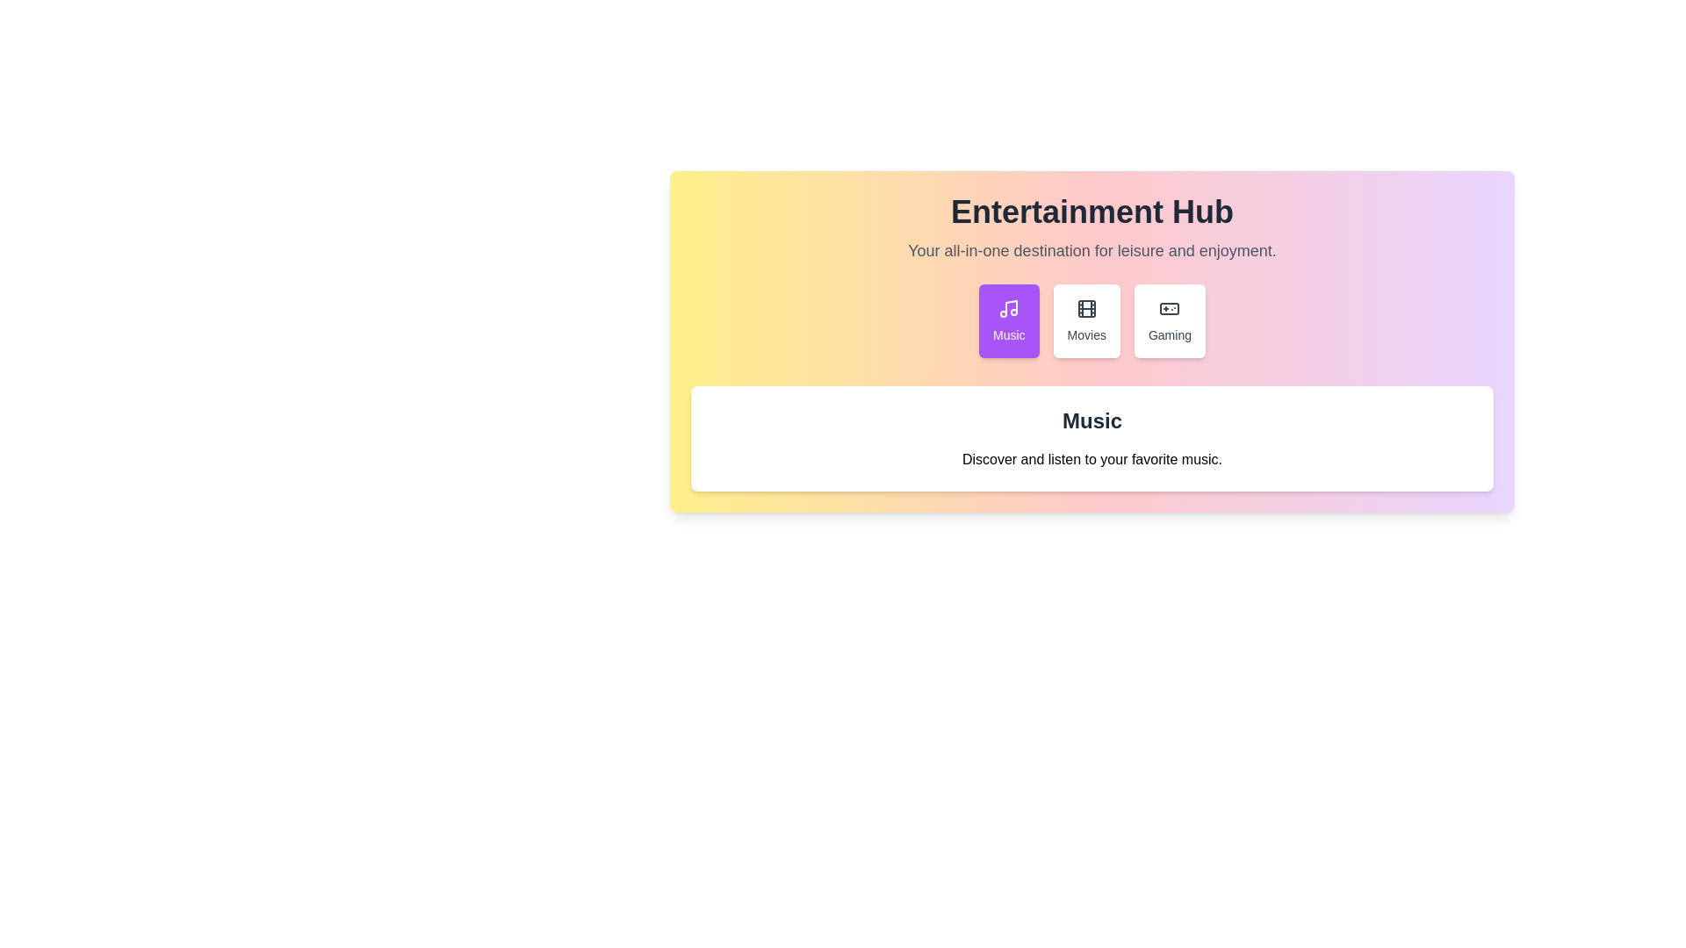 This screenshot has height=948, width=1686. Describe the element at coordinates (1170, 334) in the screenshot. I see `the text label 'Gaming' located at the bottom of the clickable card, which is part of a group of three cards labeled 'Music', 'Movies', and 'Gaming'` at that location.